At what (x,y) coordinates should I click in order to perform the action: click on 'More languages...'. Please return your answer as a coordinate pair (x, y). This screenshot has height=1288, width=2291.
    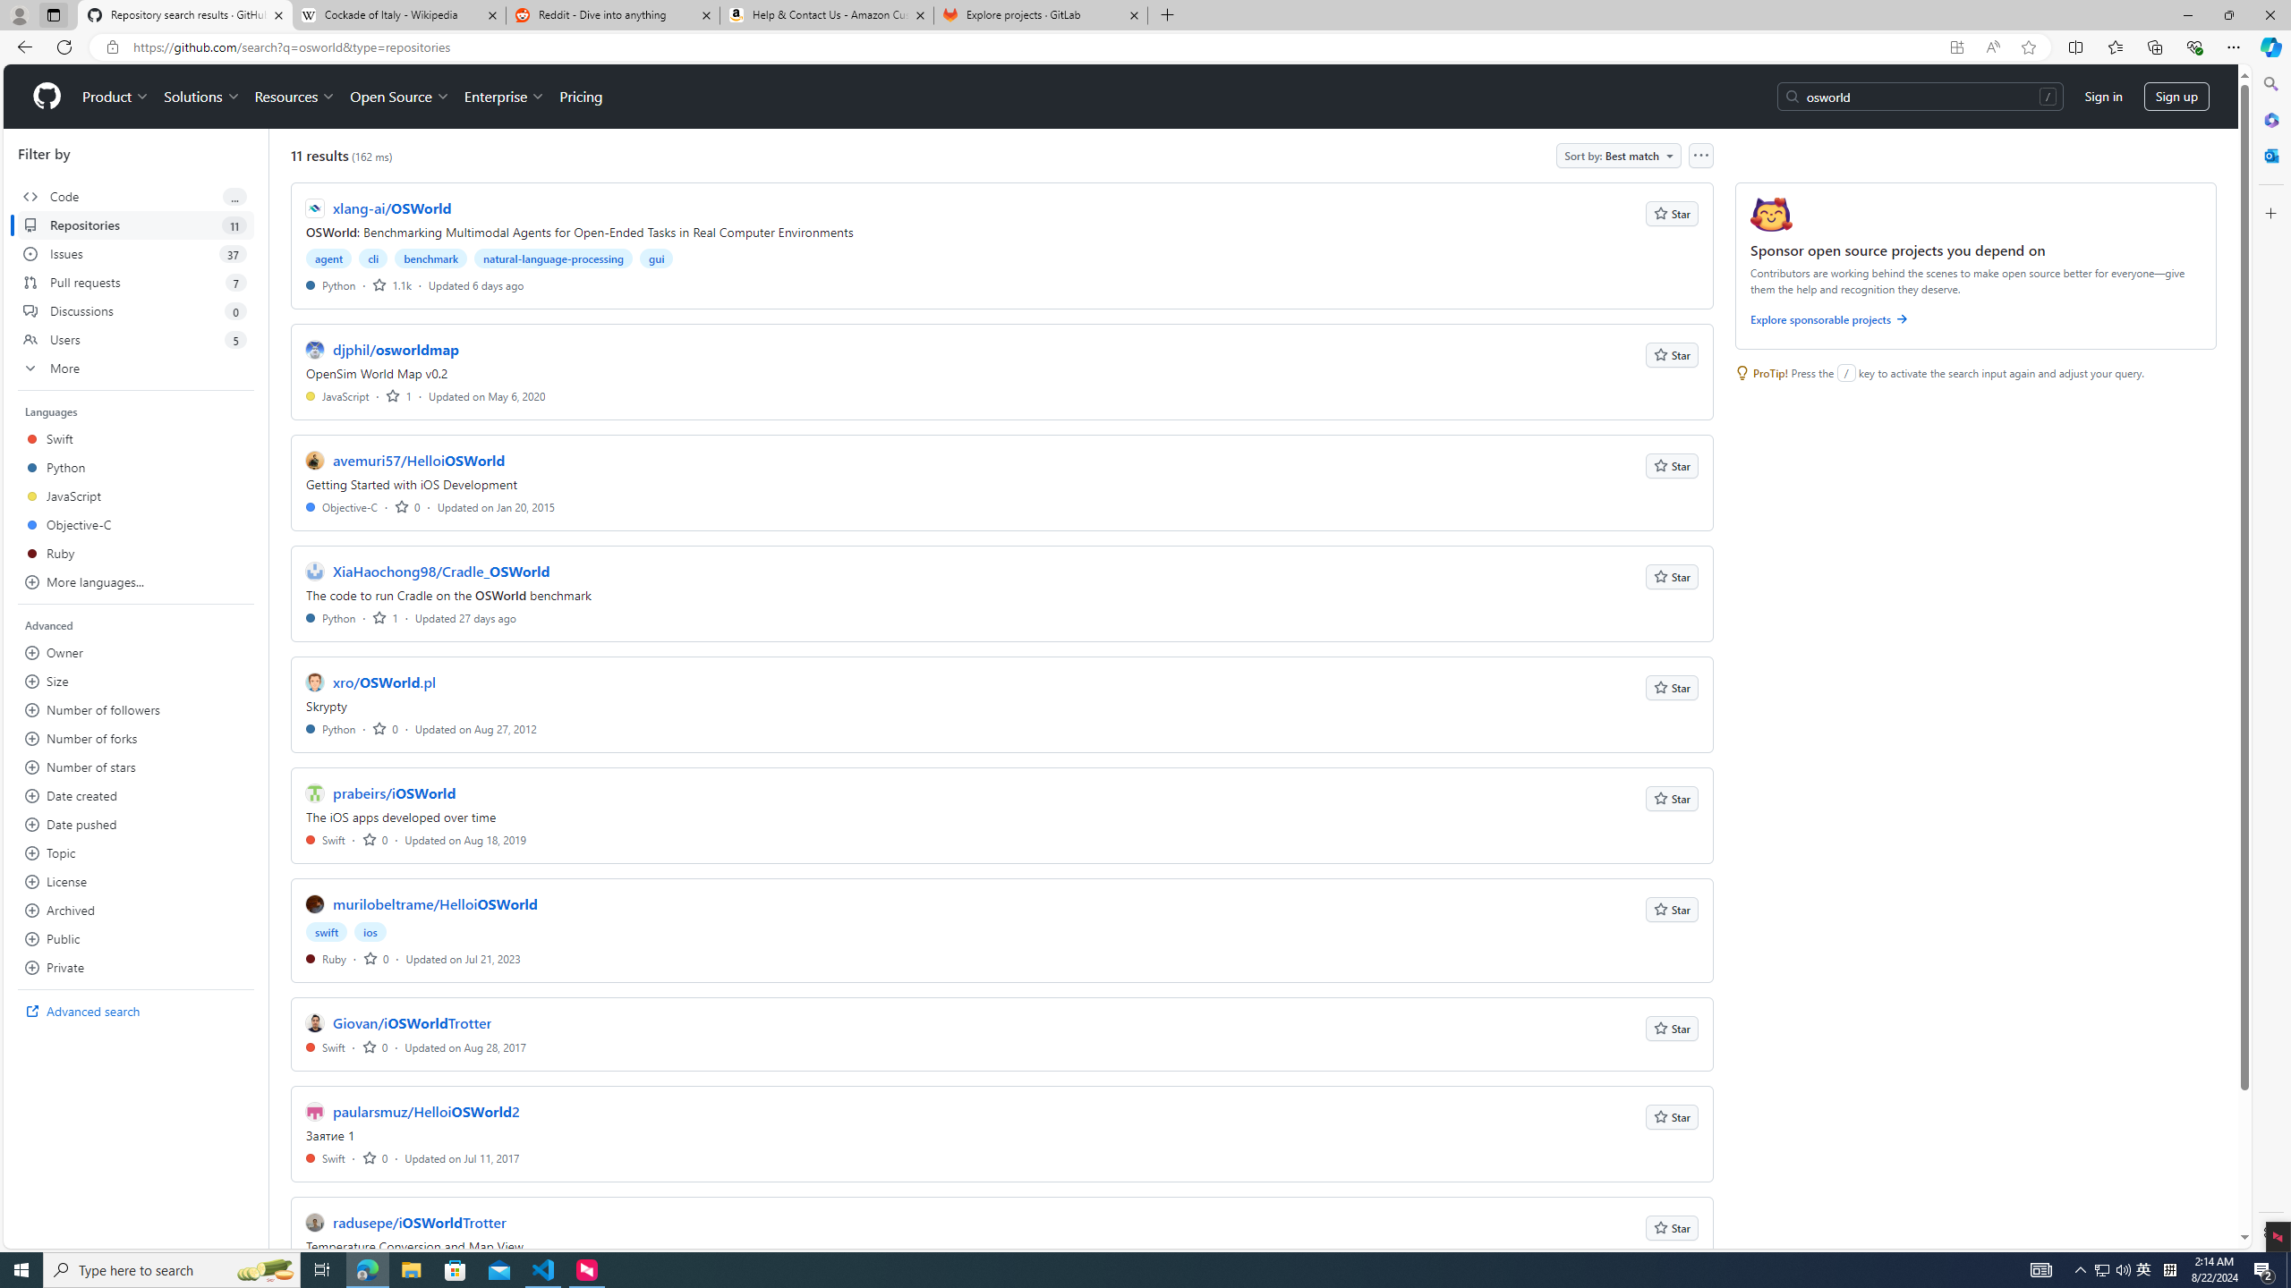
    Looking at the image, I should click on (135, 581).